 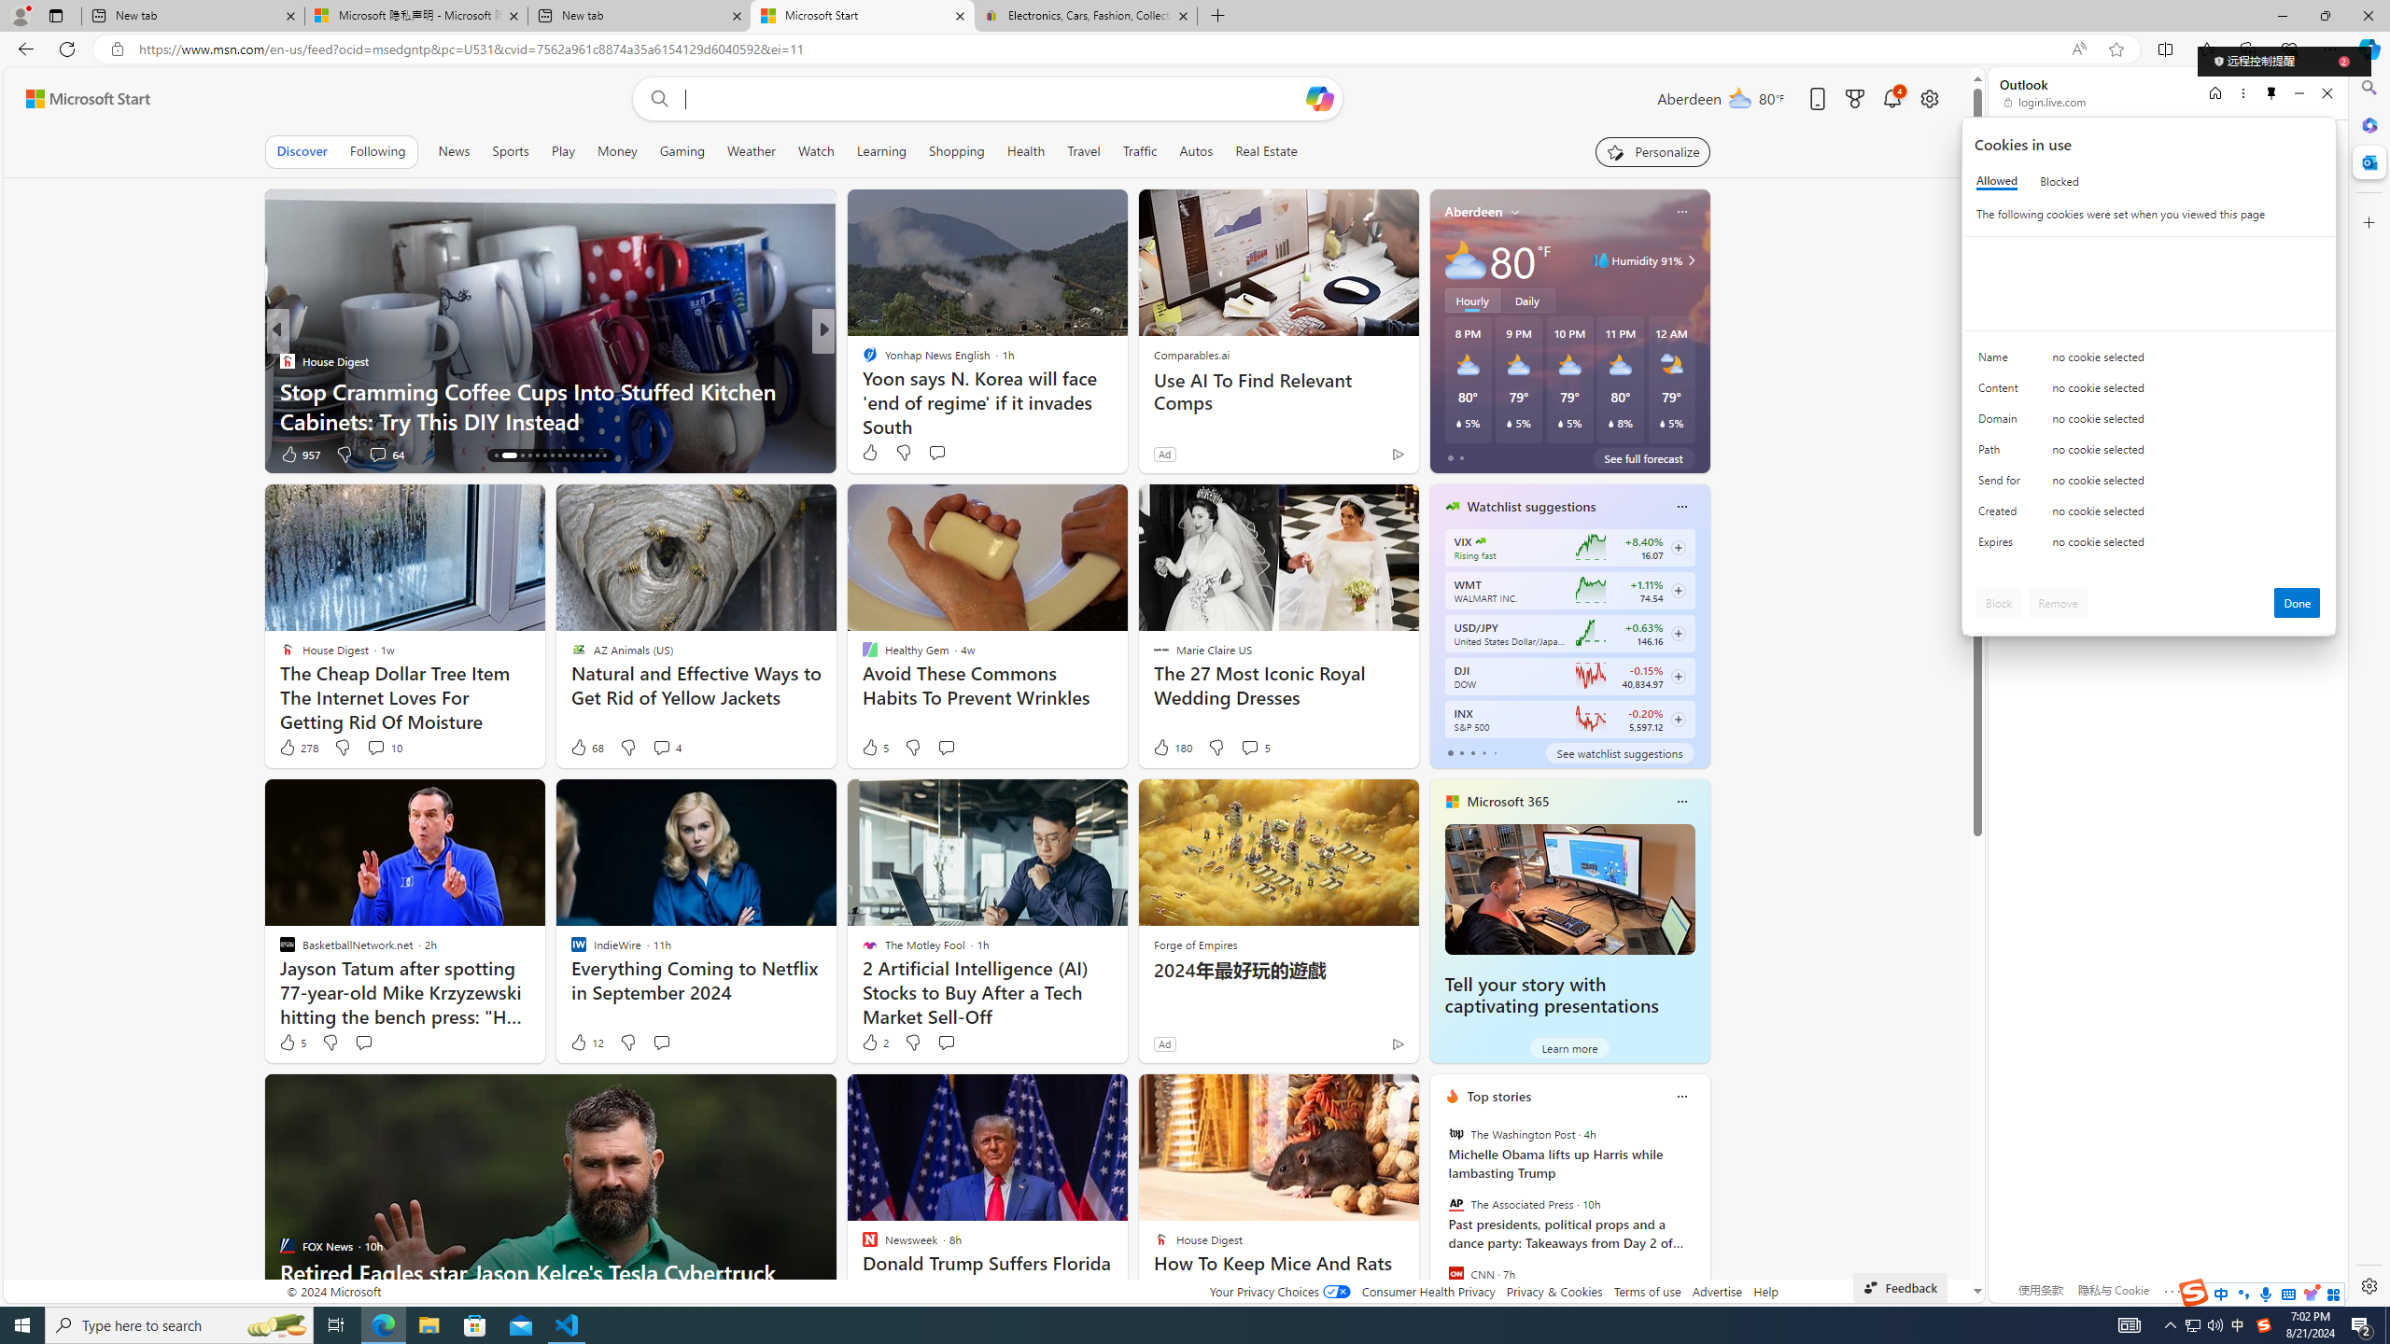 What do you see at coordinates (952, 454) in the screenshot?
I see `'View comments 141 Comment'` at bounding box center [952, 454].